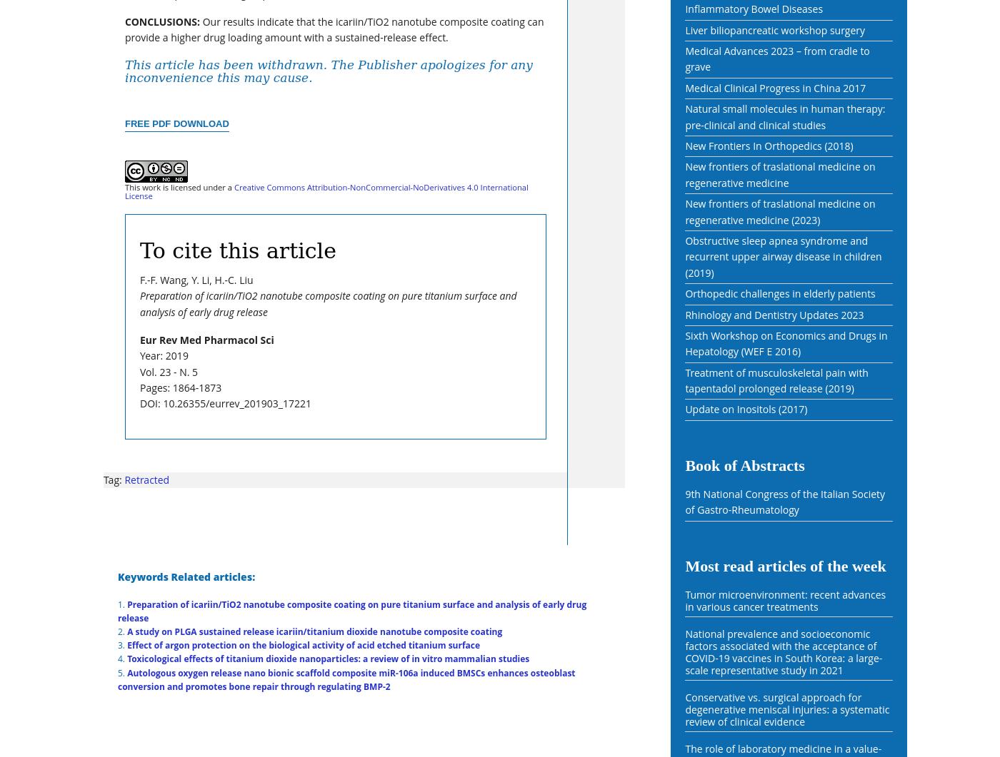 The image size is (1000, 757). I want to click on 'National prevalence and socioeconomic factors associated with the acceptance of COVID-19 vaccines in South Korea: a large-scale representative study in 2021', so click(784, 651).